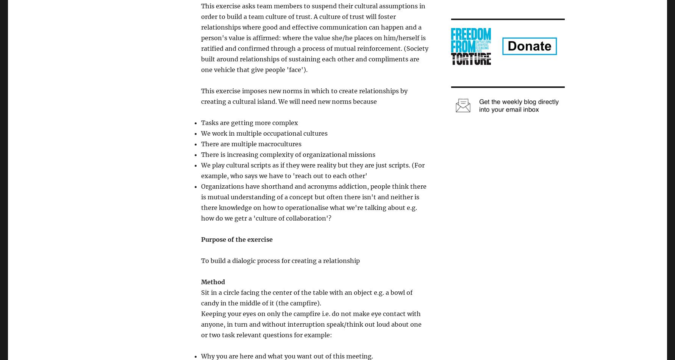 The image size is (675, 360). I want to click on 'Keeping your eyes on only the campfire i.e. do not make eye contact with anyone, in turn and without interruption speak/think out loud about one or two task relevant questions for example:', so click(311, 324).